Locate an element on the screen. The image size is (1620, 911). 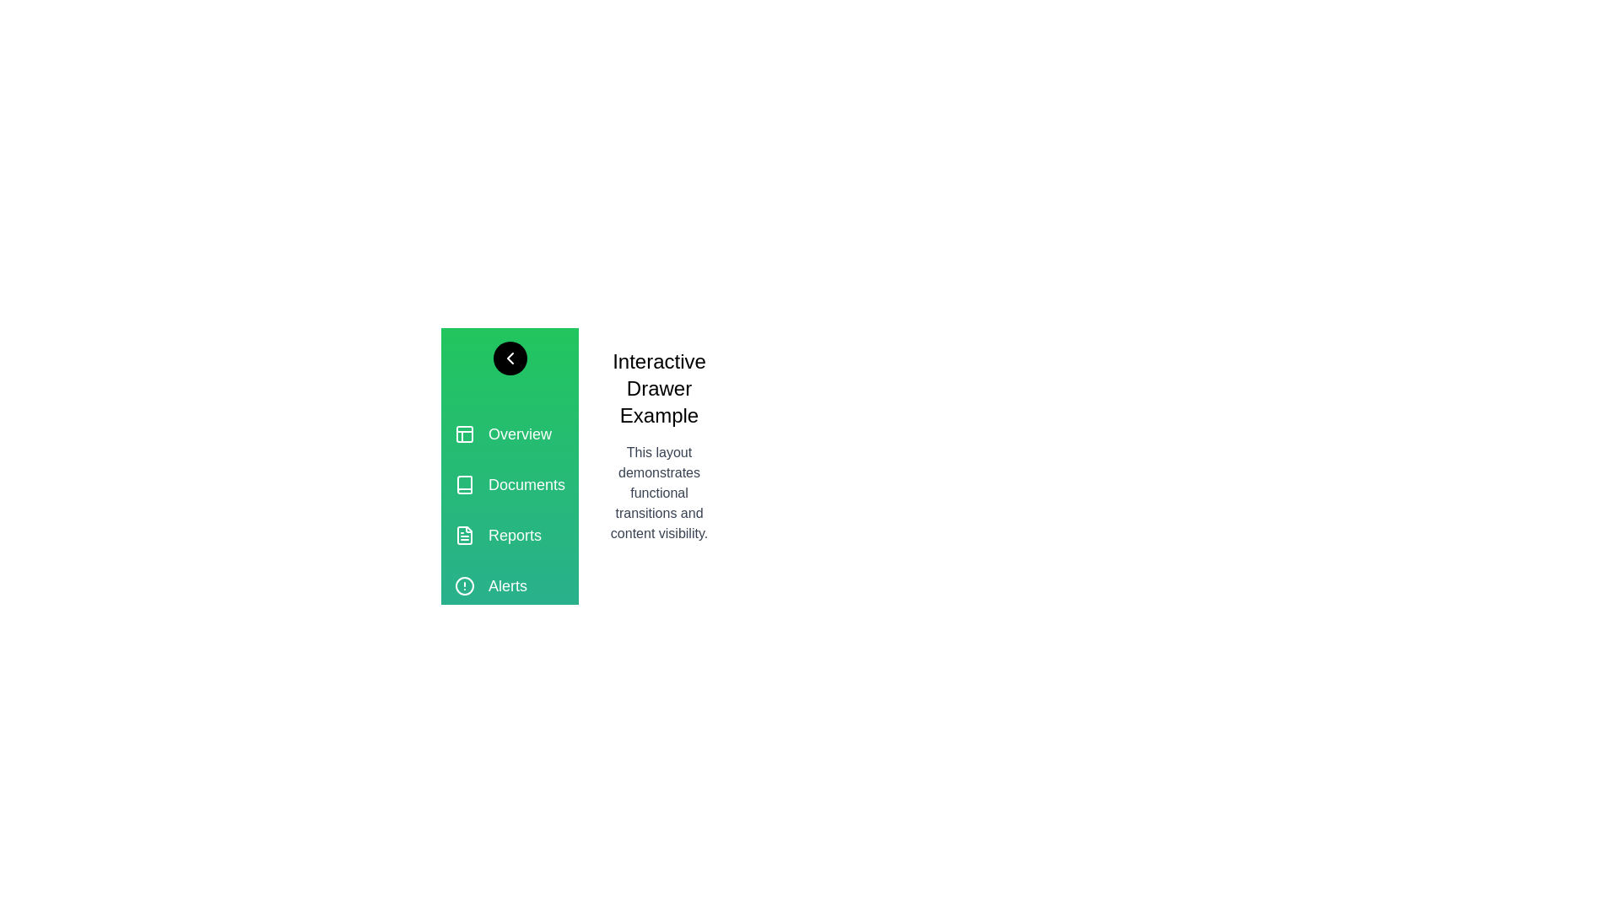
the section Reports to observe the hover effect is located at coordinates (509, 536).